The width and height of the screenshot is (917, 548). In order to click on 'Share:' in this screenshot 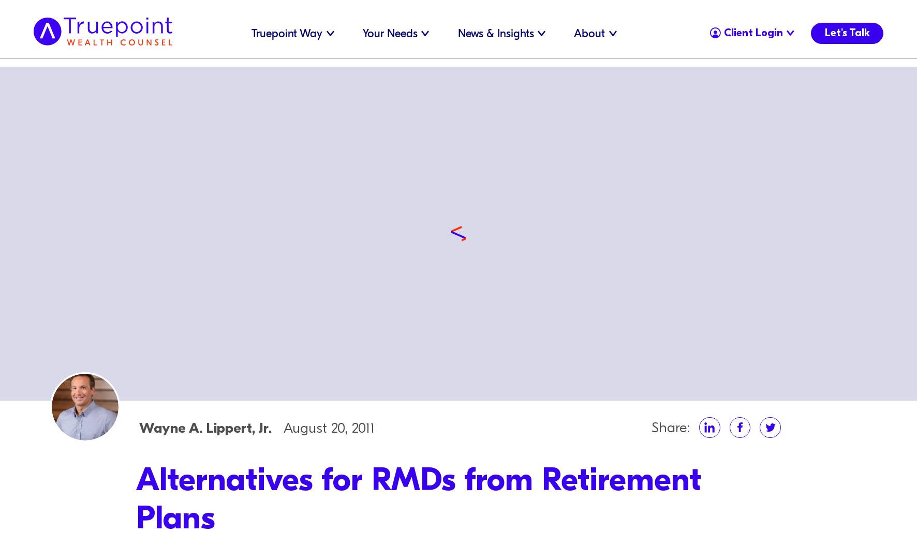, I will do `click(671, 427)`.